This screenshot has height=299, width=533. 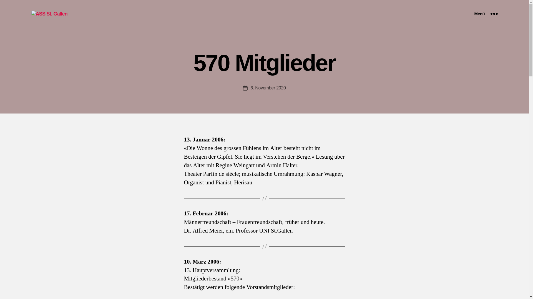 What do you see at coordinates (250, 87) in the screenshot?
I see `'6. November 2020'` at bounding box center [250, 87].